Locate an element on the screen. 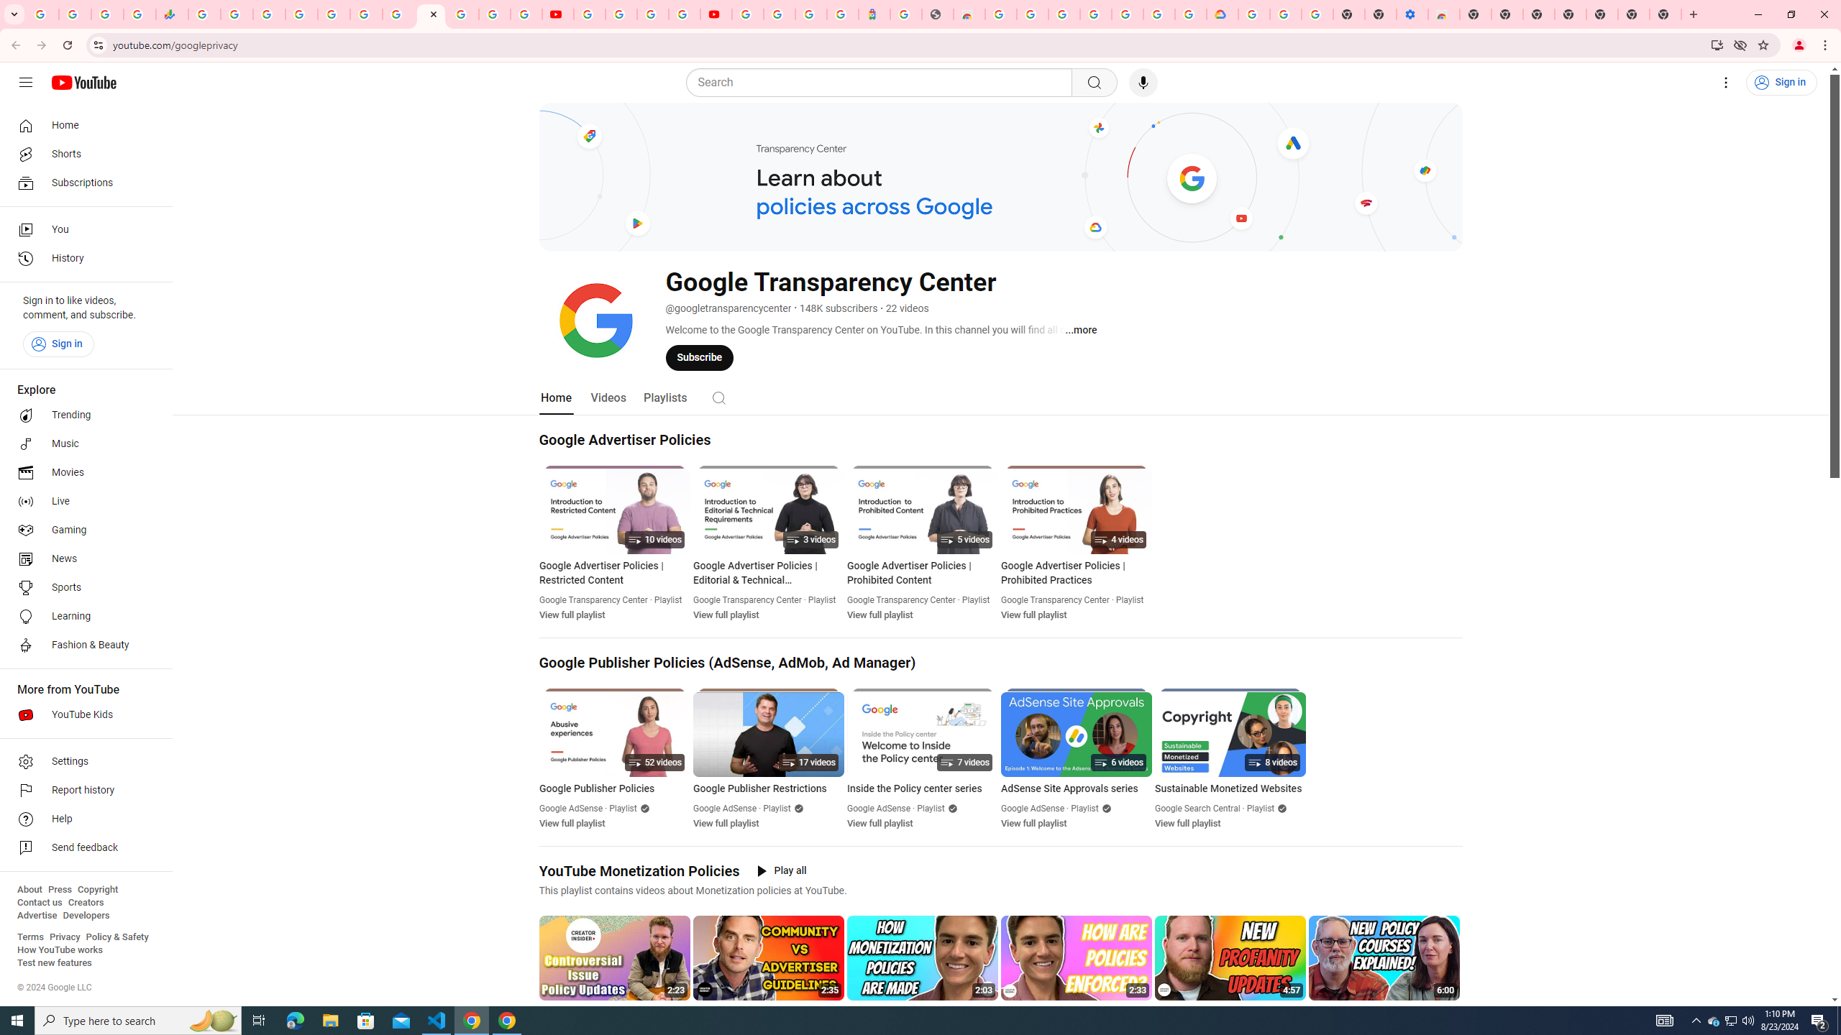  'Policy & Safety' is located at coordinates (117, 936).